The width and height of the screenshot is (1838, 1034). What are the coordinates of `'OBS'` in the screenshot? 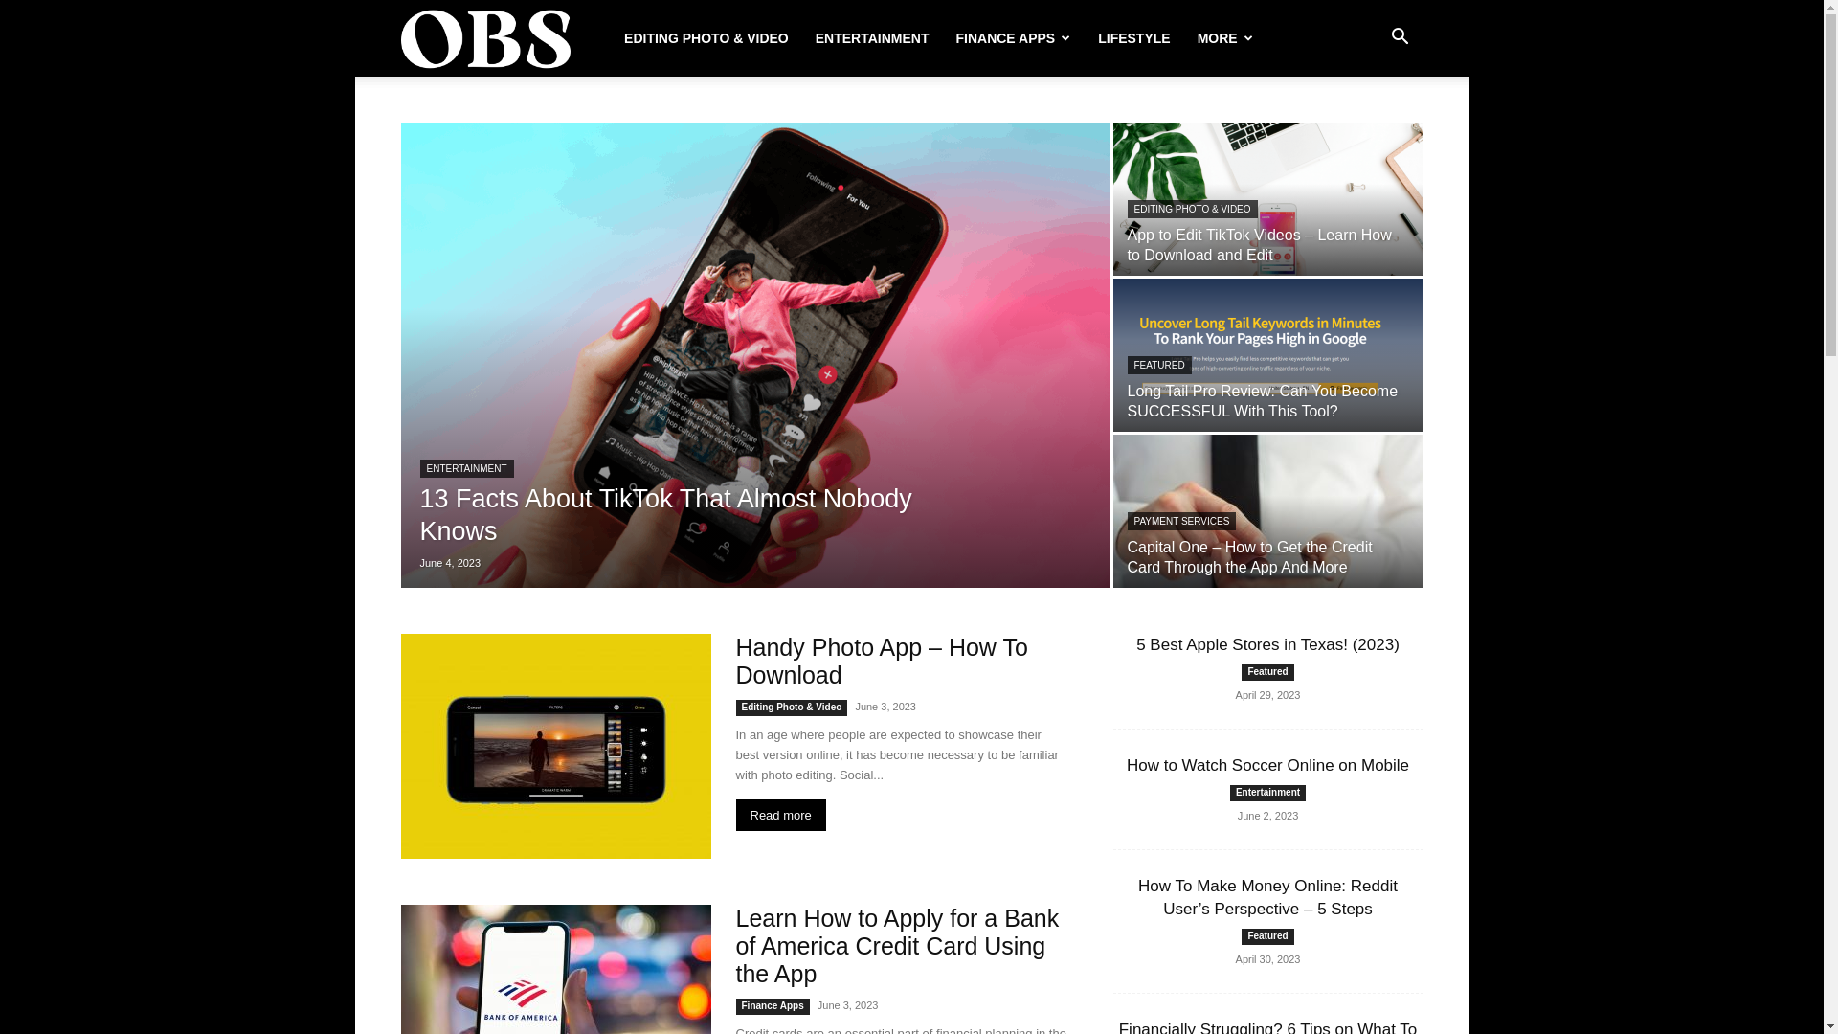 It's located at (485, 37).